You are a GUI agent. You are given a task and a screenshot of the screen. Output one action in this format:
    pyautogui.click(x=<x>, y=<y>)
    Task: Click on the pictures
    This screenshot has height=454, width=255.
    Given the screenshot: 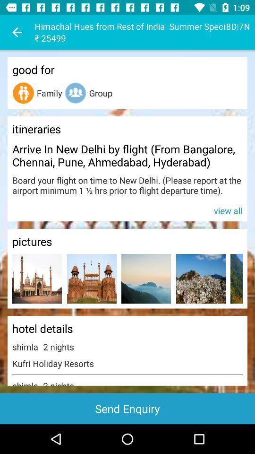 What is the action you would take?
    pyautogui.click(x=36, y=279)
    